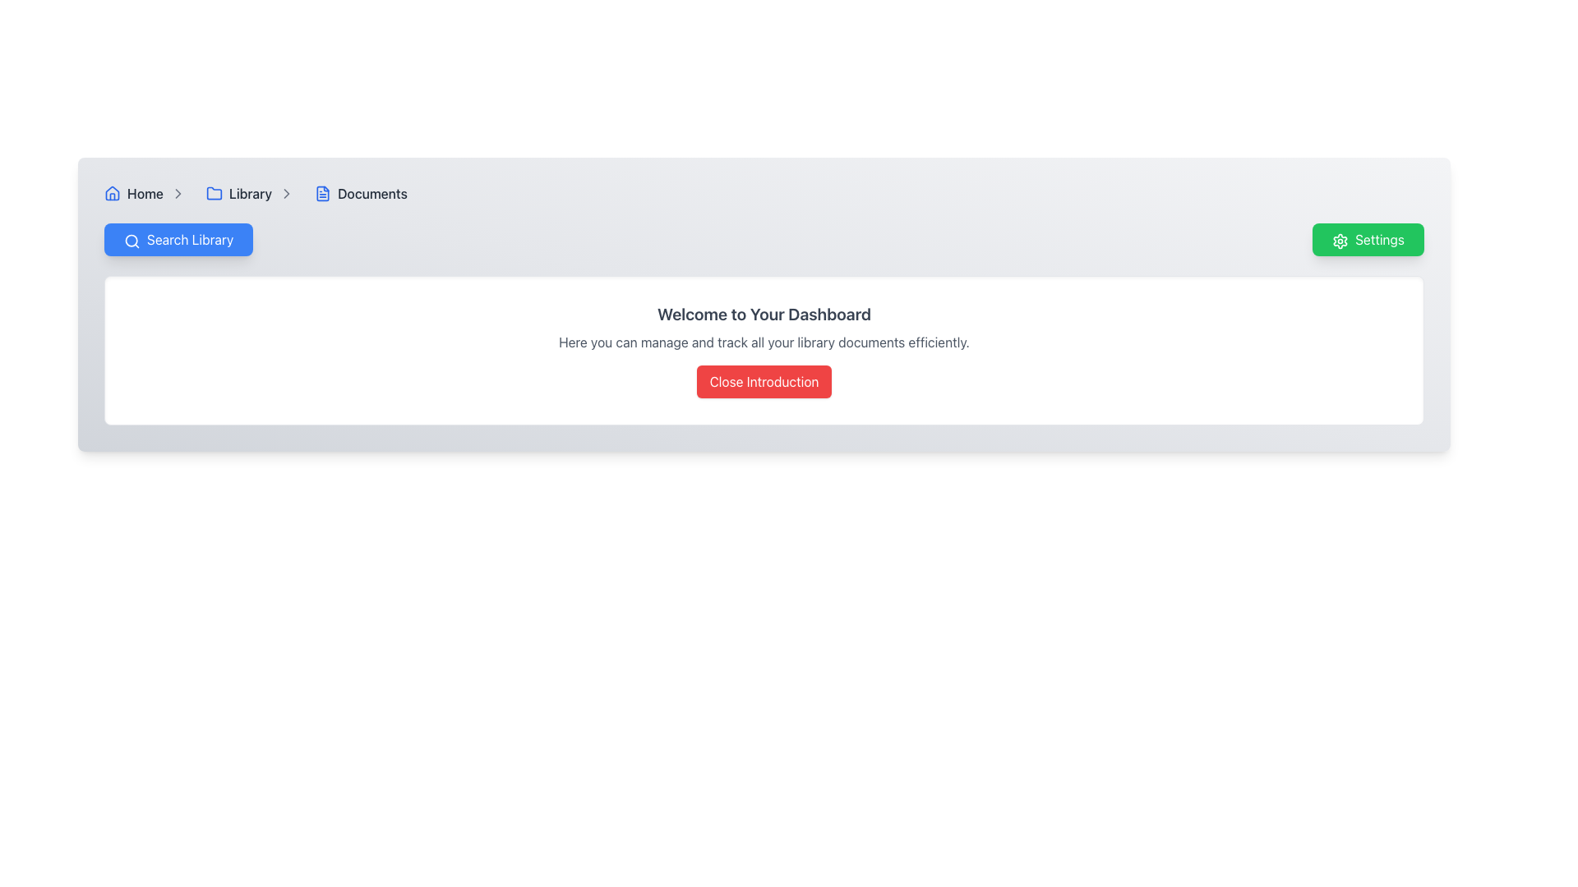 The image size is (1578, 887). Describe the element at coordinates (764, 382) in the screenshot. I see `the button located below the informational text 'Here you can manage and track all your library documents efficiently.'` at that location.